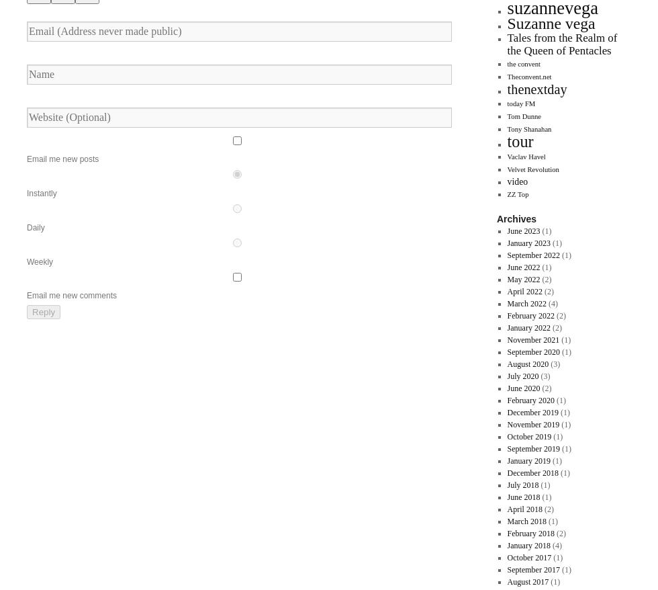 This screenshot has width=658, height=590. I want to click on 'tour', so click(520, 140).